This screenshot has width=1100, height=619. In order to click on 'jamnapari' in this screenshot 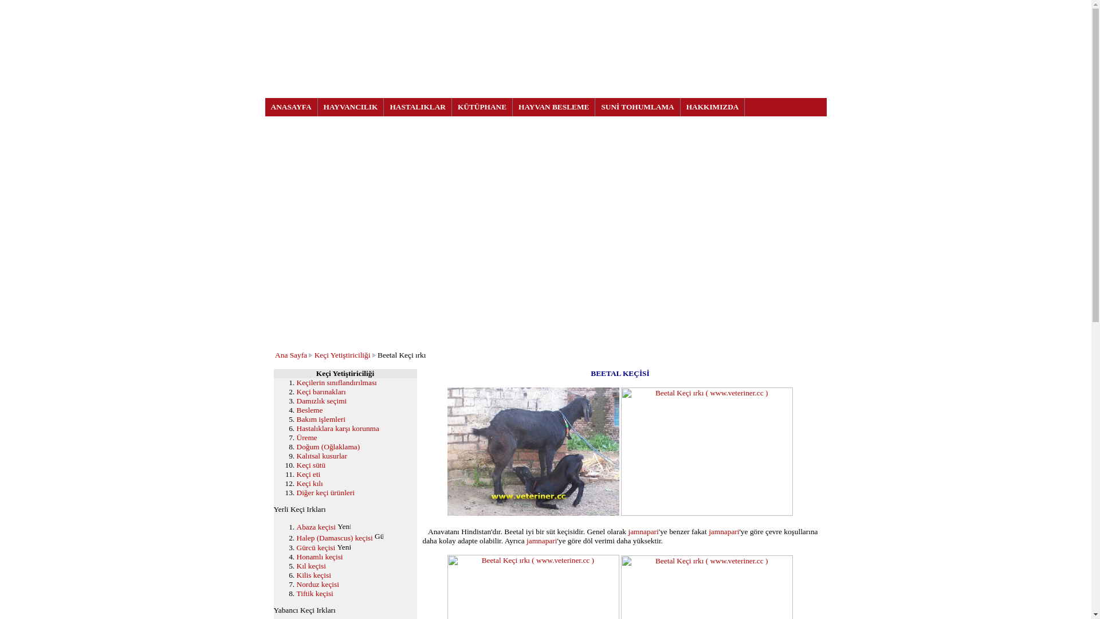, I will do `click(723, 531)`.